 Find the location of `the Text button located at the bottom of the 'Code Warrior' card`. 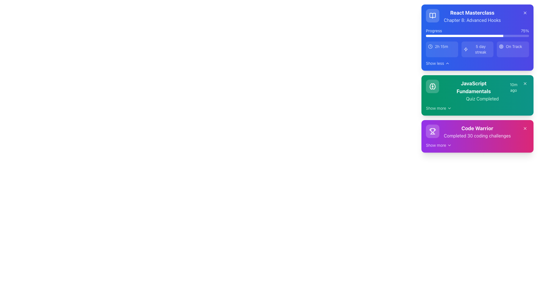

the Text button located at the bottom of the 'Code Warrior' card is located at coordinates (436, 145).